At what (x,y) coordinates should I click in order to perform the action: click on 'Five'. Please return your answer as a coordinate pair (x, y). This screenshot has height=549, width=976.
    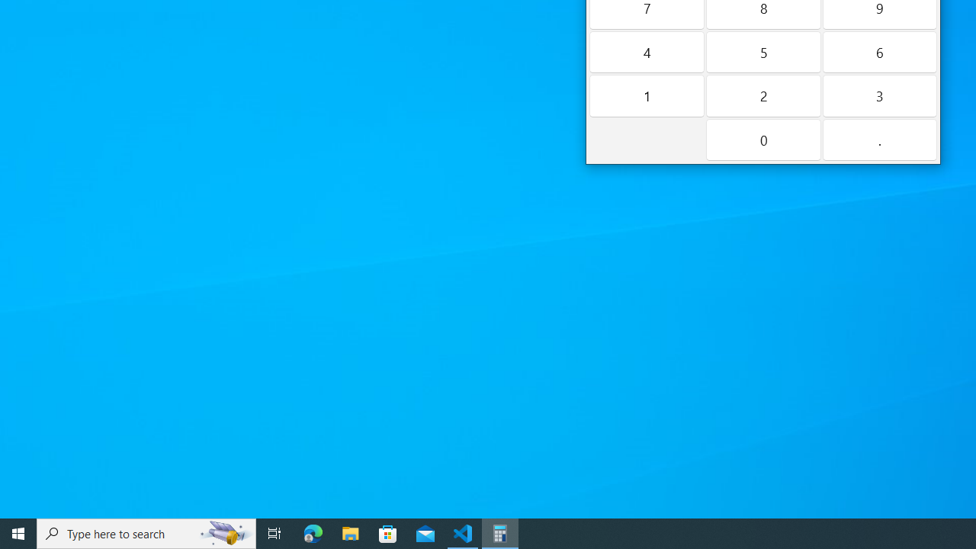
    Looking at the image, I should click on (762, 51).